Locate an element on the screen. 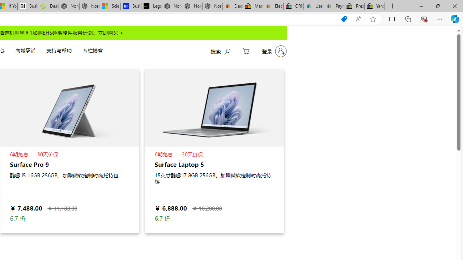 This screenshot has width=463, height=260. 'Add this page to favorites (Ctrl+D)' is located at coordinates (373, 19).